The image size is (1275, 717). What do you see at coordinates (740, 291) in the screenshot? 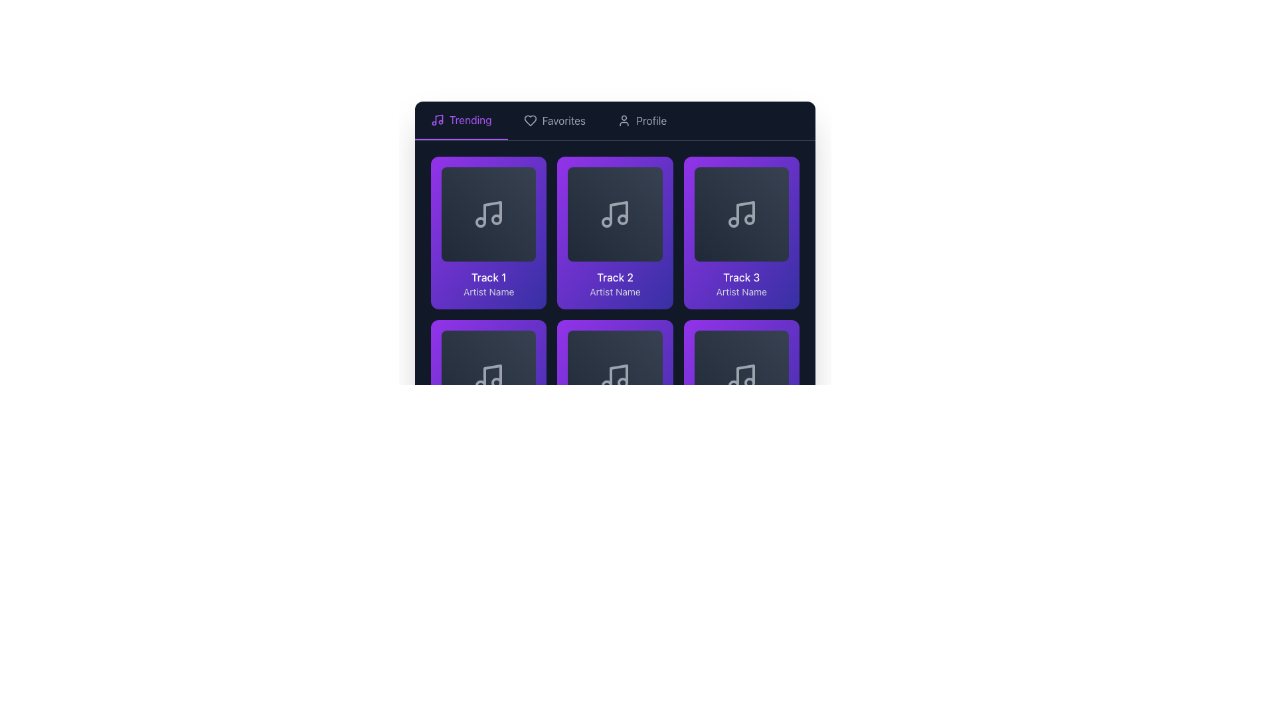
I see `text element displaying 'Artist Name', which is located below 'Track 3' in a card layout with a purple gradient background` at bounding box center [740, 291].